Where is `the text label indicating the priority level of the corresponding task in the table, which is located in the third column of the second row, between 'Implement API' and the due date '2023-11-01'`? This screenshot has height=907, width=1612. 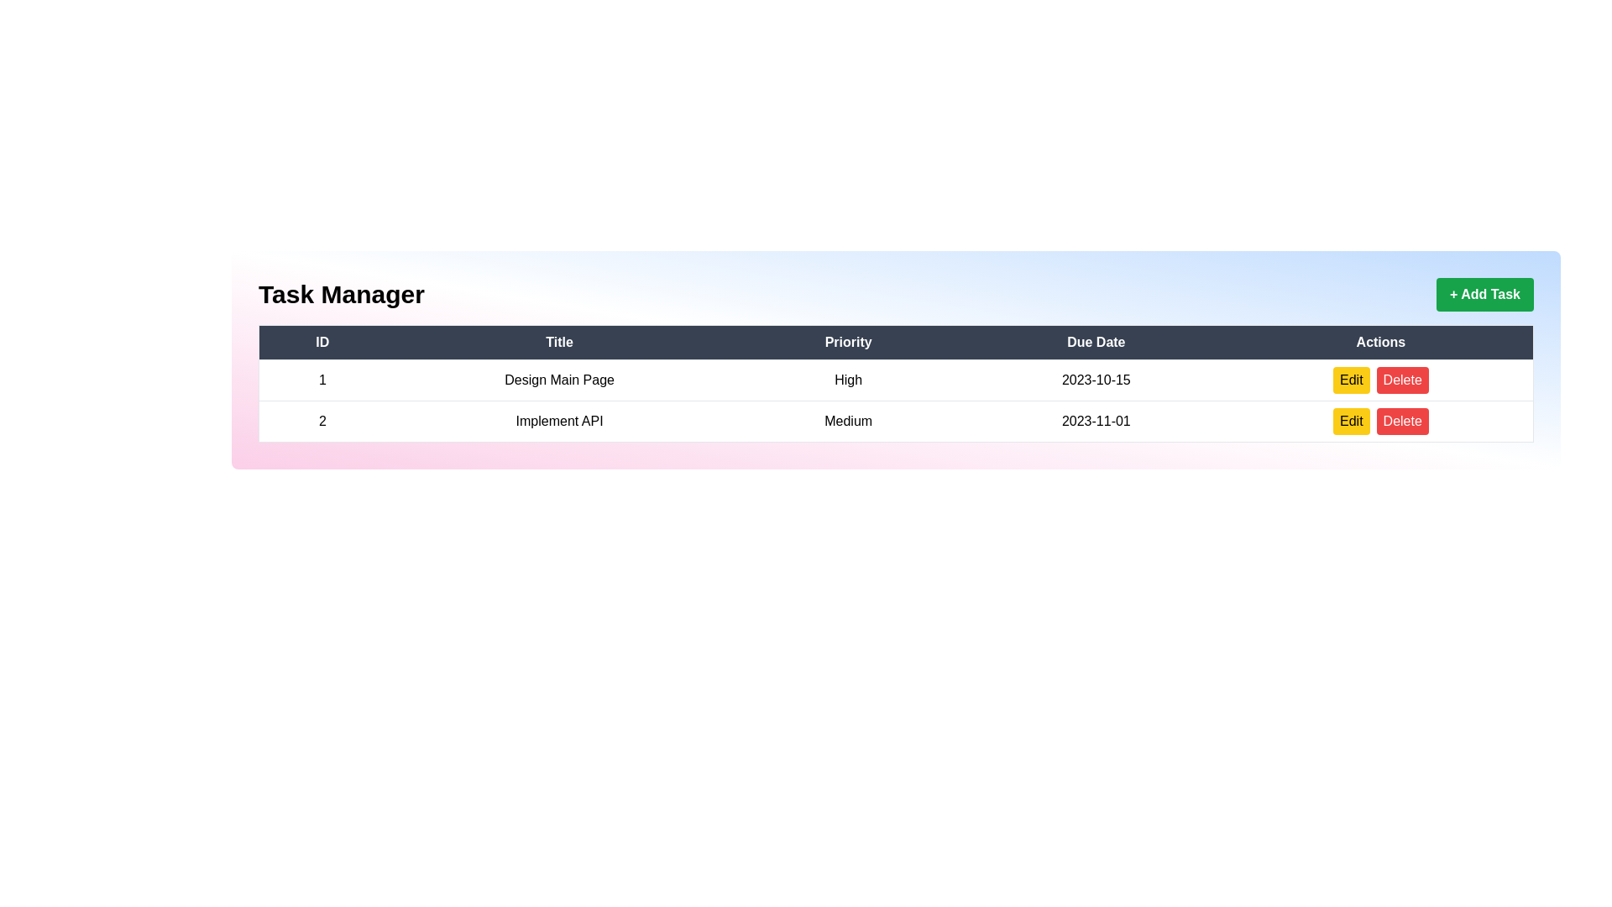
the text label indicating the priority level of the corresponding task in the table, which is located in the third column of the second row, between 'Implement API' and the due date '2023-11-01' is located at coordinates (848, 420).